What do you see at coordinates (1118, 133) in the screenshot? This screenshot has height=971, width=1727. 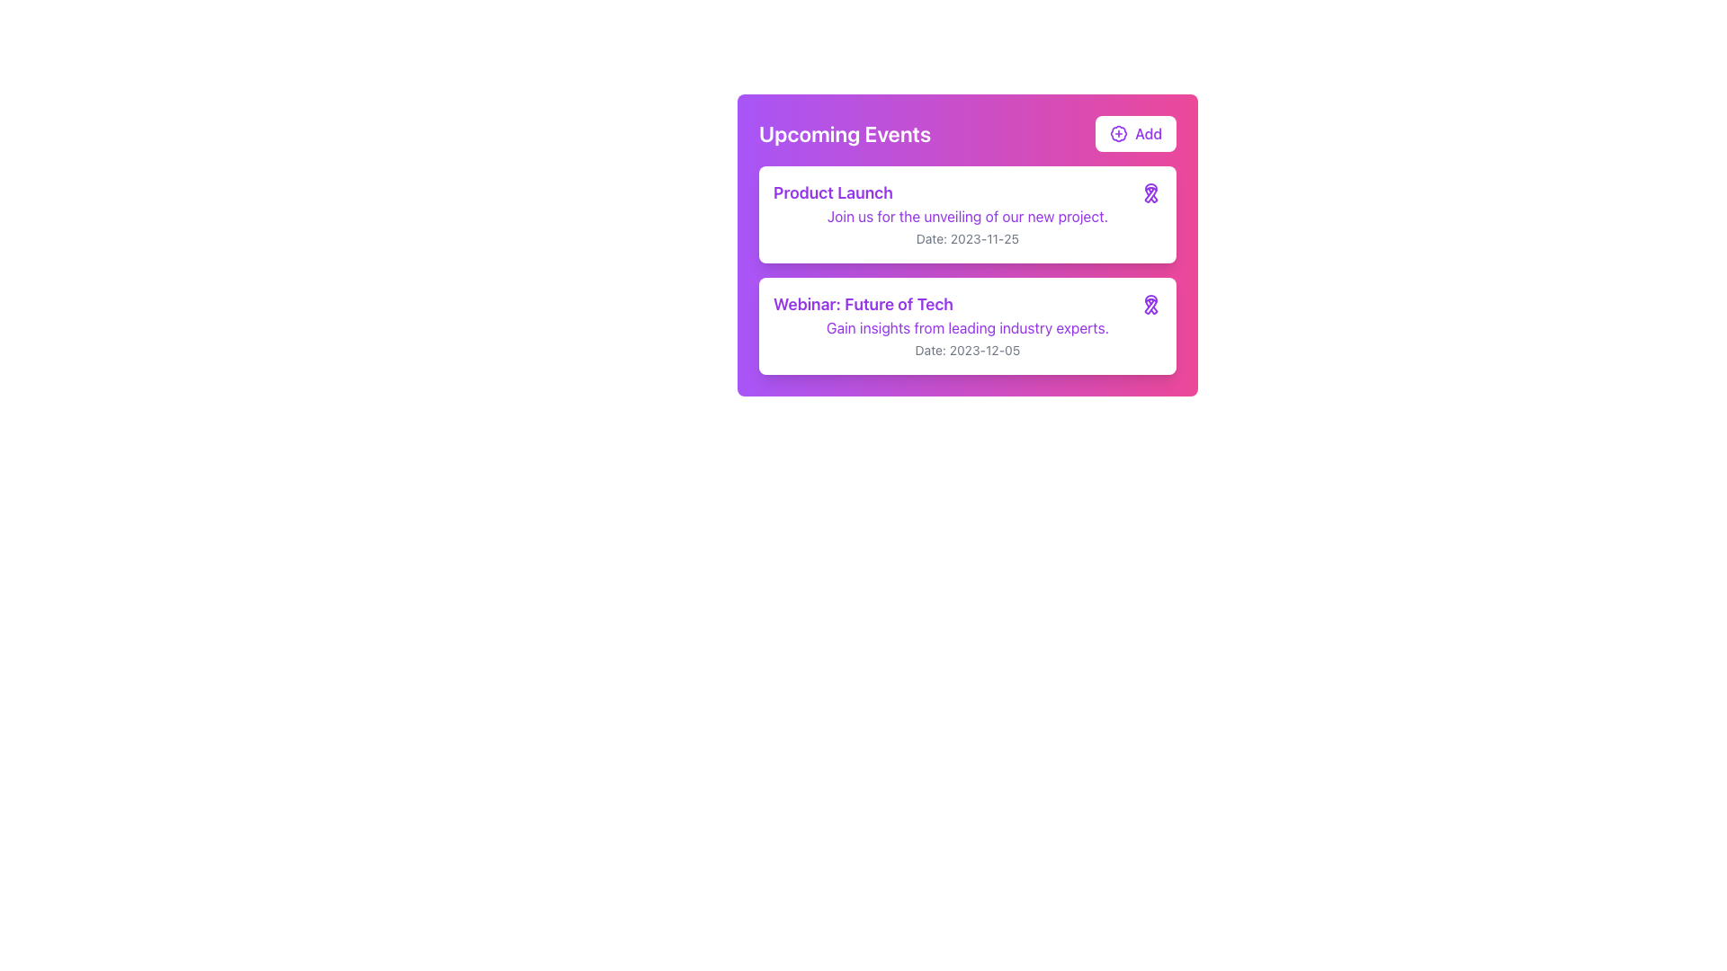 I see `the 'Add' icon located at the top-right corner of the section with a gradient purple background, which is positioned to the left of the text 'Add'` at bounding box center [1118, 133].